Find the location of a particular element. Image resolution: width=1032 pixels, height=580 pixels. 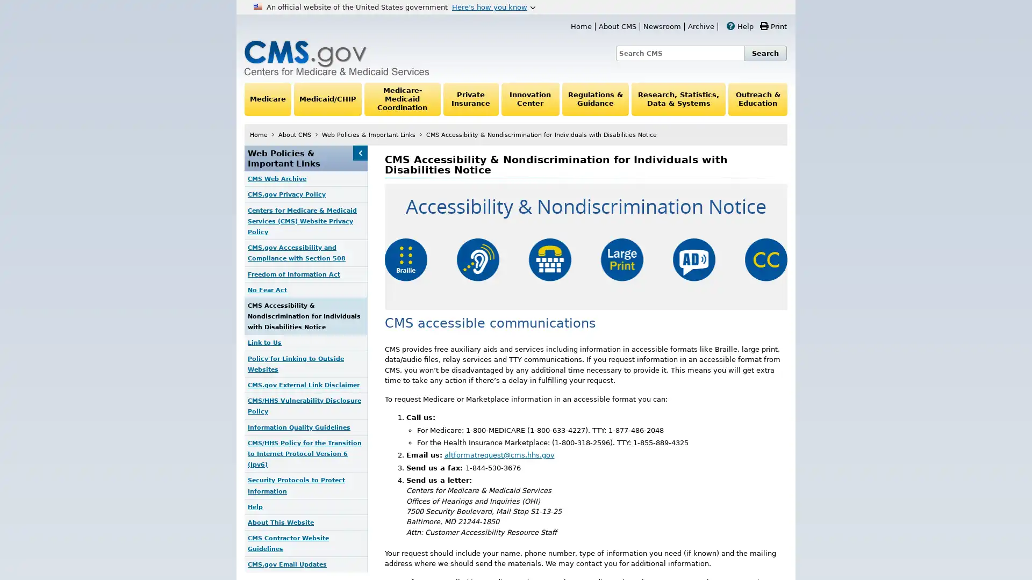

Search is located at coordinates (765, 53).